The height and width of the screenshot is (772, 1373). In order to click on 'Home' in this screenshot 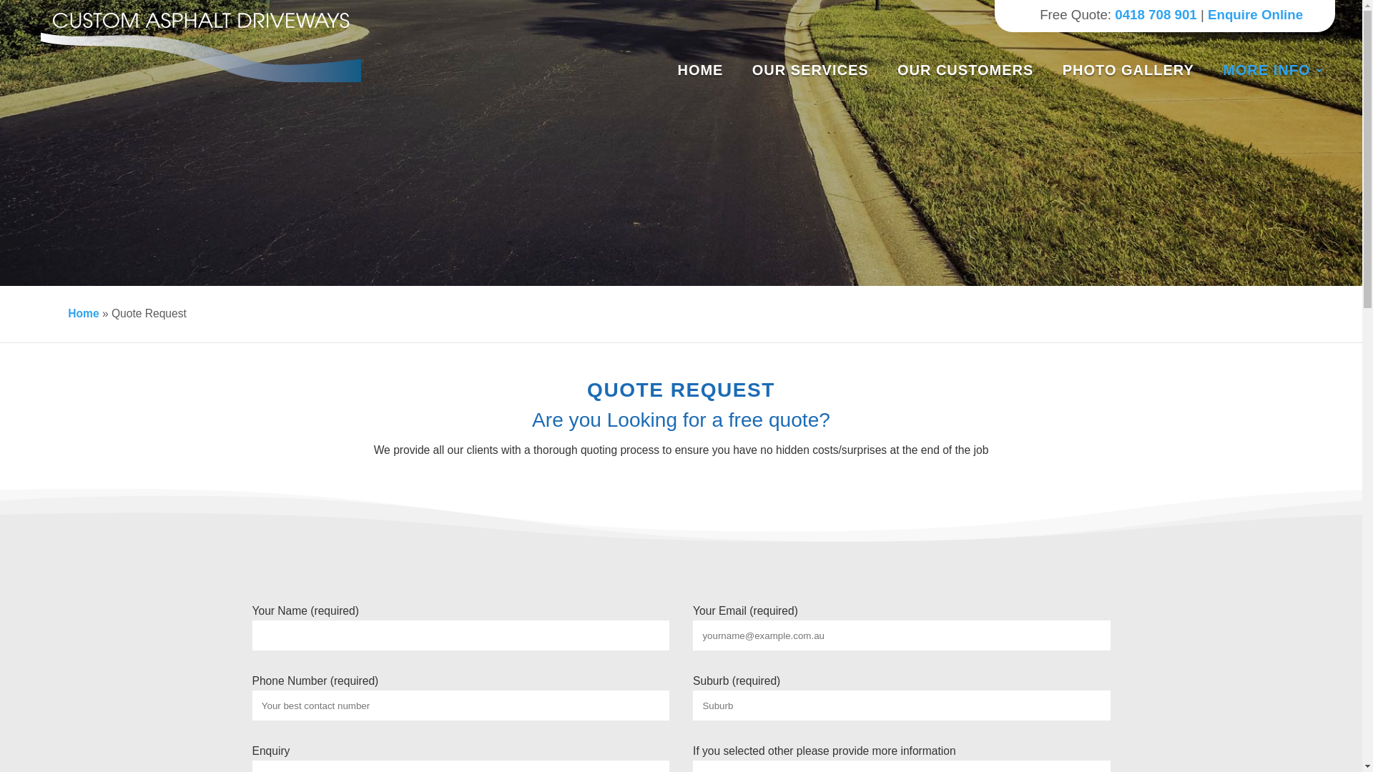, I will do `click(82, 312)`.